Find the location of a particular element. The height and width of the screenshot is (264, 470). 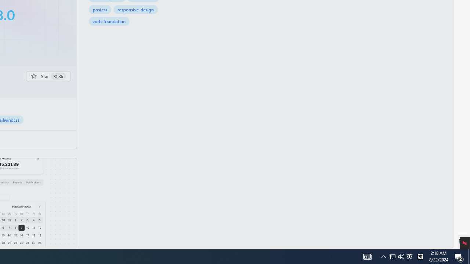

'zurb-foundation' is located at coordinates (109, 21).